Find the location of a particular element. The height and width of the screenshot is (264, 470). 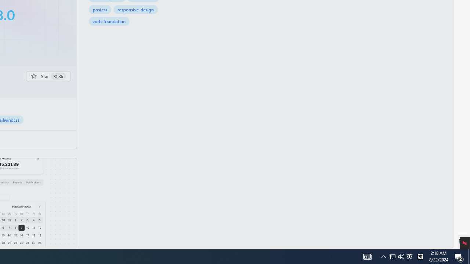

'zurb-foundation' is located at coordinates (109, 21).